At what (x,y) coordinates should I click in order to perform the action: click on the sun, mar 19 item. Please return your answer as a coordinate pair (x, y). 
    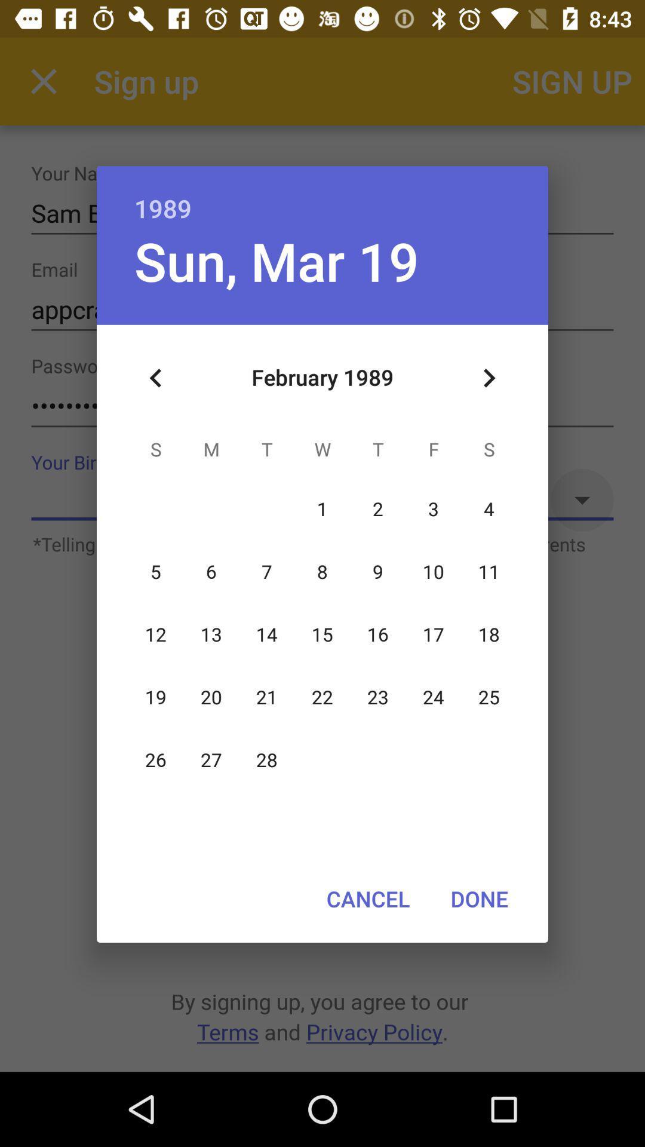
    Looking at the image, I should click on (277, 260).